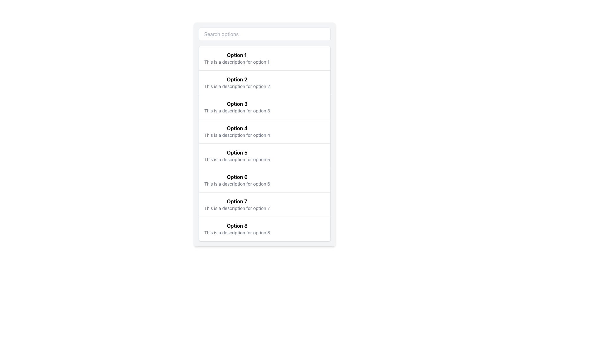  Describe the element at coordinates (236, 54) in the screenshot. I see `the bold-styled static text reading 'Option 1', which is positioned at the top-left of the content area above its description in a vertically-stacked list of selectable options` at that location.